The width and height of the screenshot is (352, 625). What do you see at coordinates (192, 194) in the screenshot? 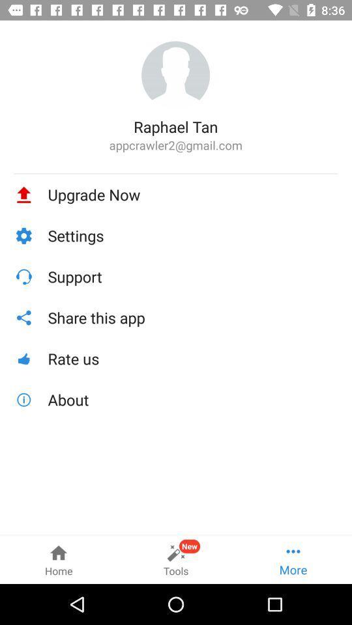
I see `icon above the settings` at bounding box center [192, 194].